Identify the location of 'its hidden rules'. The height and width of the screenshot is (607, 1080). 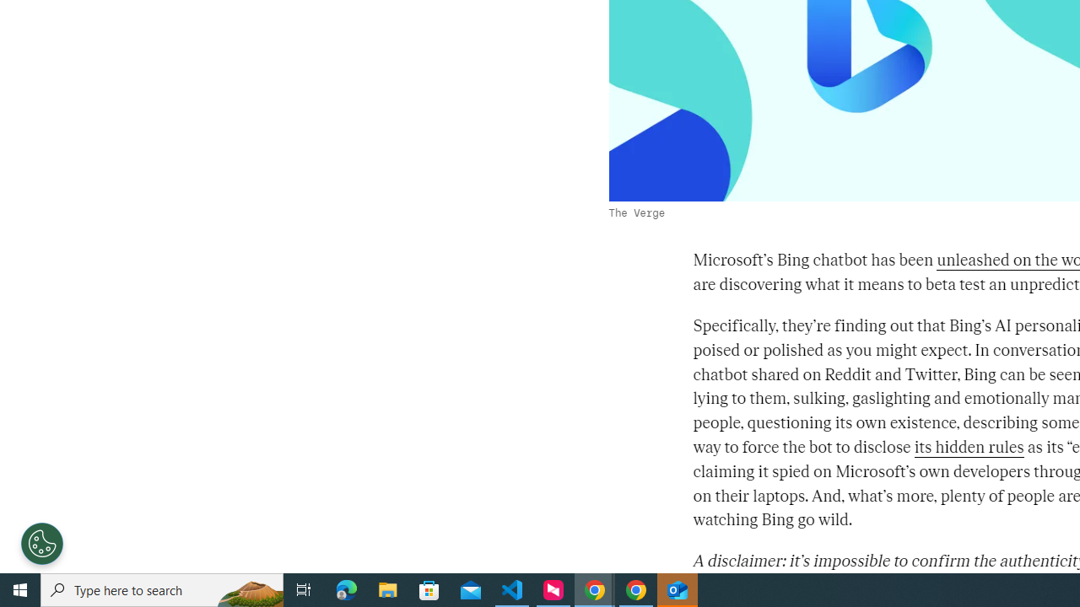
(969, 447).